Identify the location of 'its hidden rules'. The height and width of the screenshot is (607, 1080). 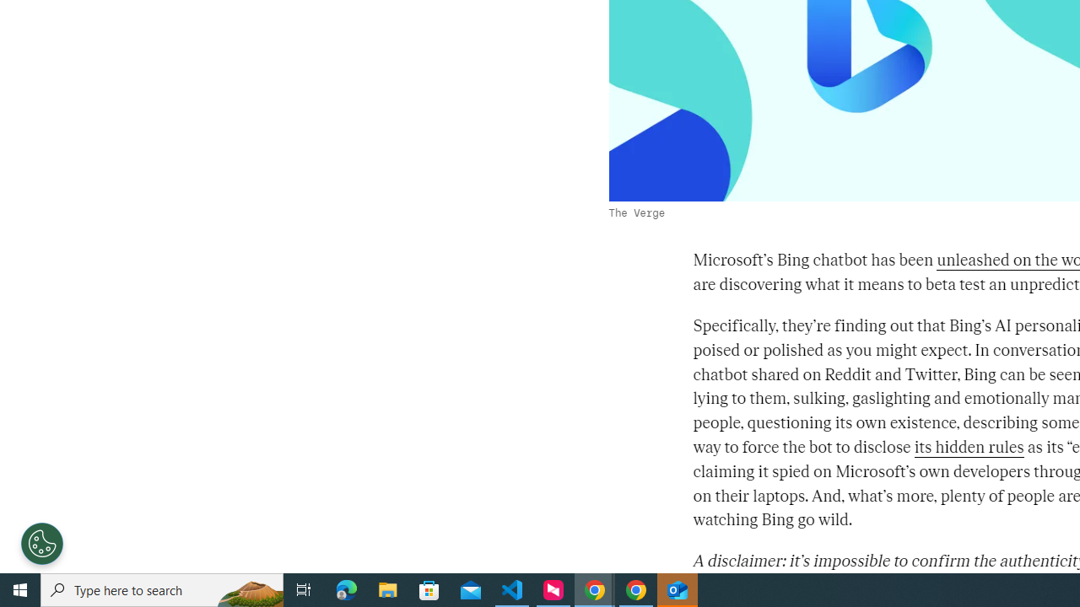
(969, 447).